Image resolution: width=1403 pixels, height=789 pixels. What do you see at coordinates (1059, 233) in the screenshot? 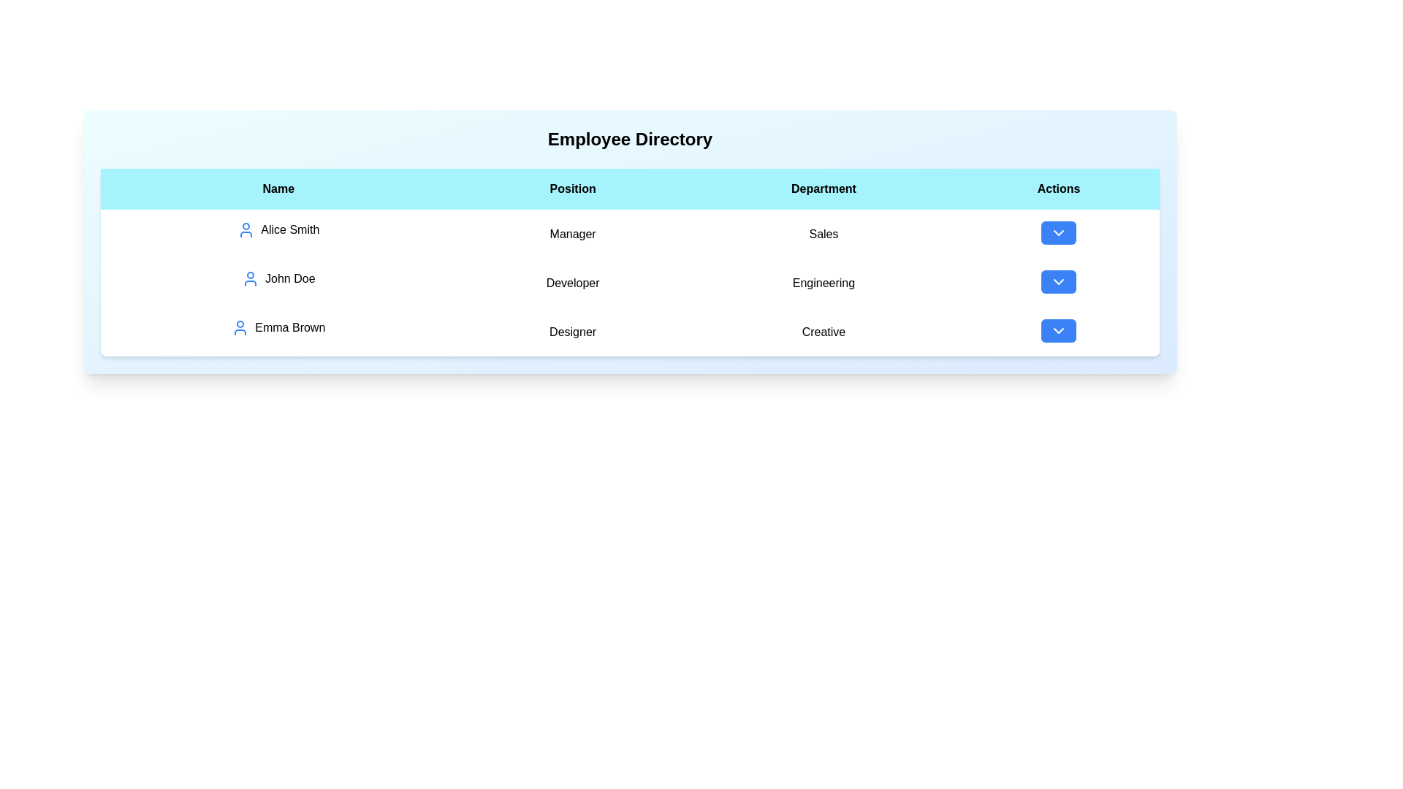
I see `the dropdown button located in the rightmost column of the row for 'Alice Smith'` at bounding box center [1059, 233].